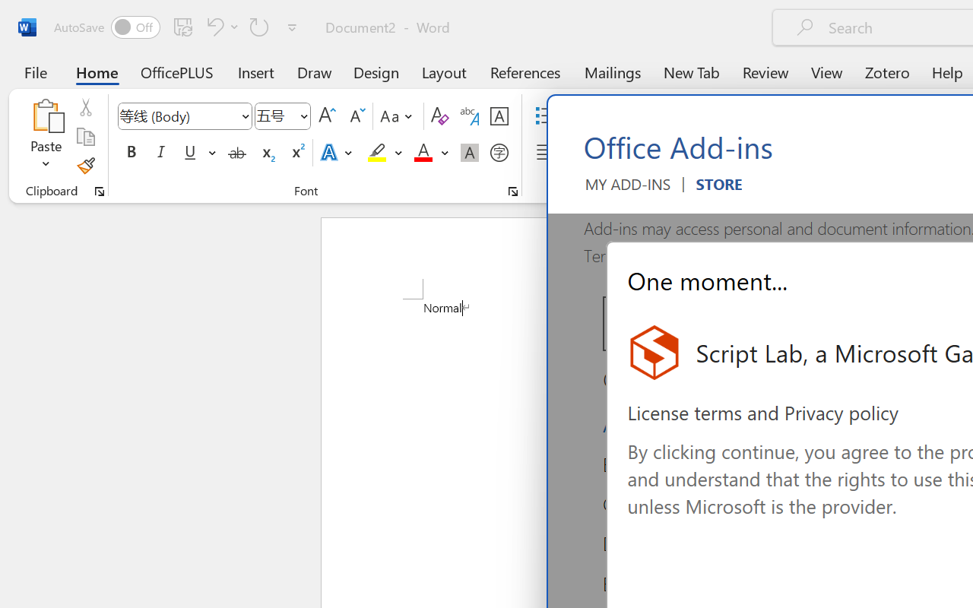 The height and width of the screenshot is (608, 973). What do you see at coordinates (613, 71) in the screenshot?
I see `'Mailings'` at bounding box center [613, 71].